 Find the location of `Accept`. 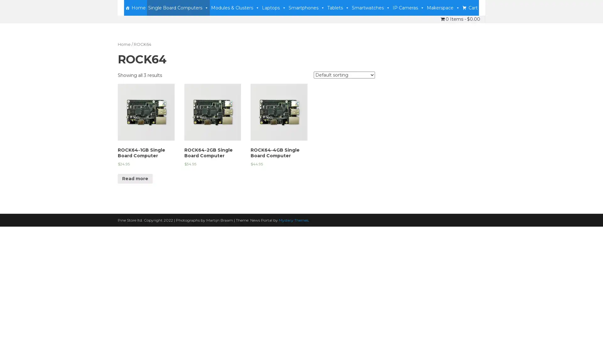

Accept is located at coordinates (398, 329).